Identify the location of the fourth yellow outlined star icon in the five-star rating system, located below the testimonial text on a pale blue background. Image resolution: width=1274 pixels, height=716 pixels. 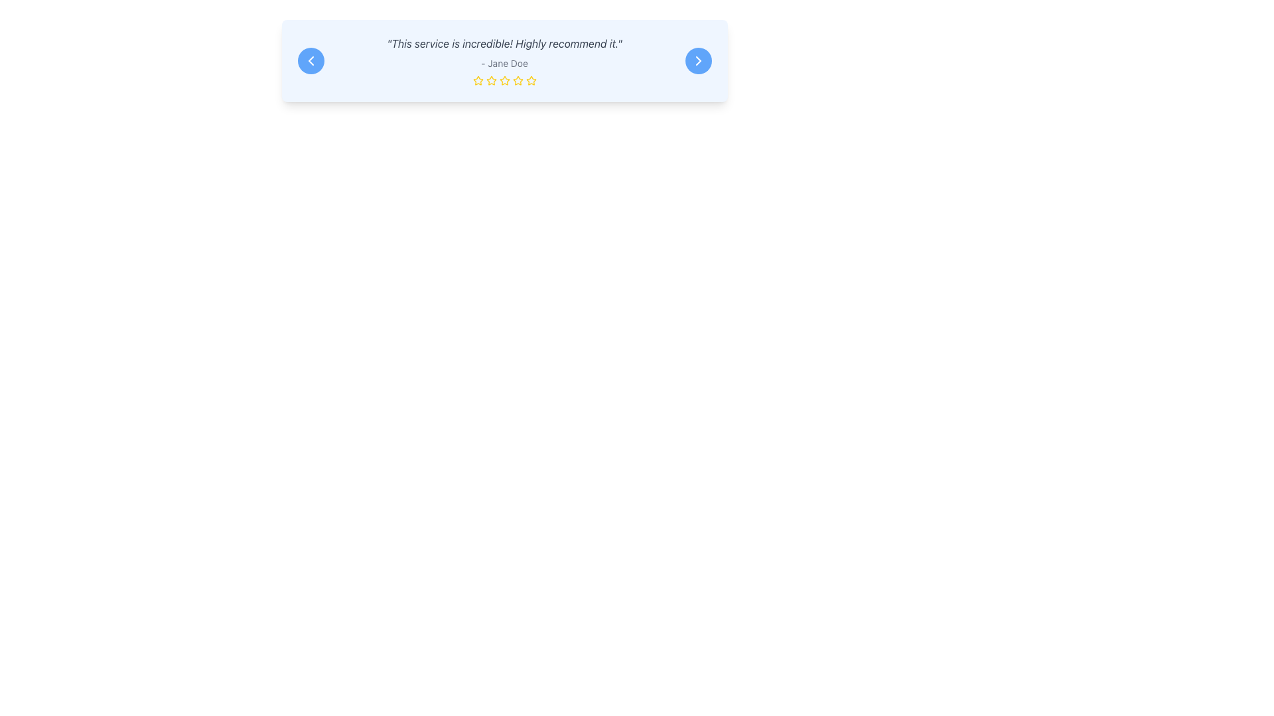
(504, 81).